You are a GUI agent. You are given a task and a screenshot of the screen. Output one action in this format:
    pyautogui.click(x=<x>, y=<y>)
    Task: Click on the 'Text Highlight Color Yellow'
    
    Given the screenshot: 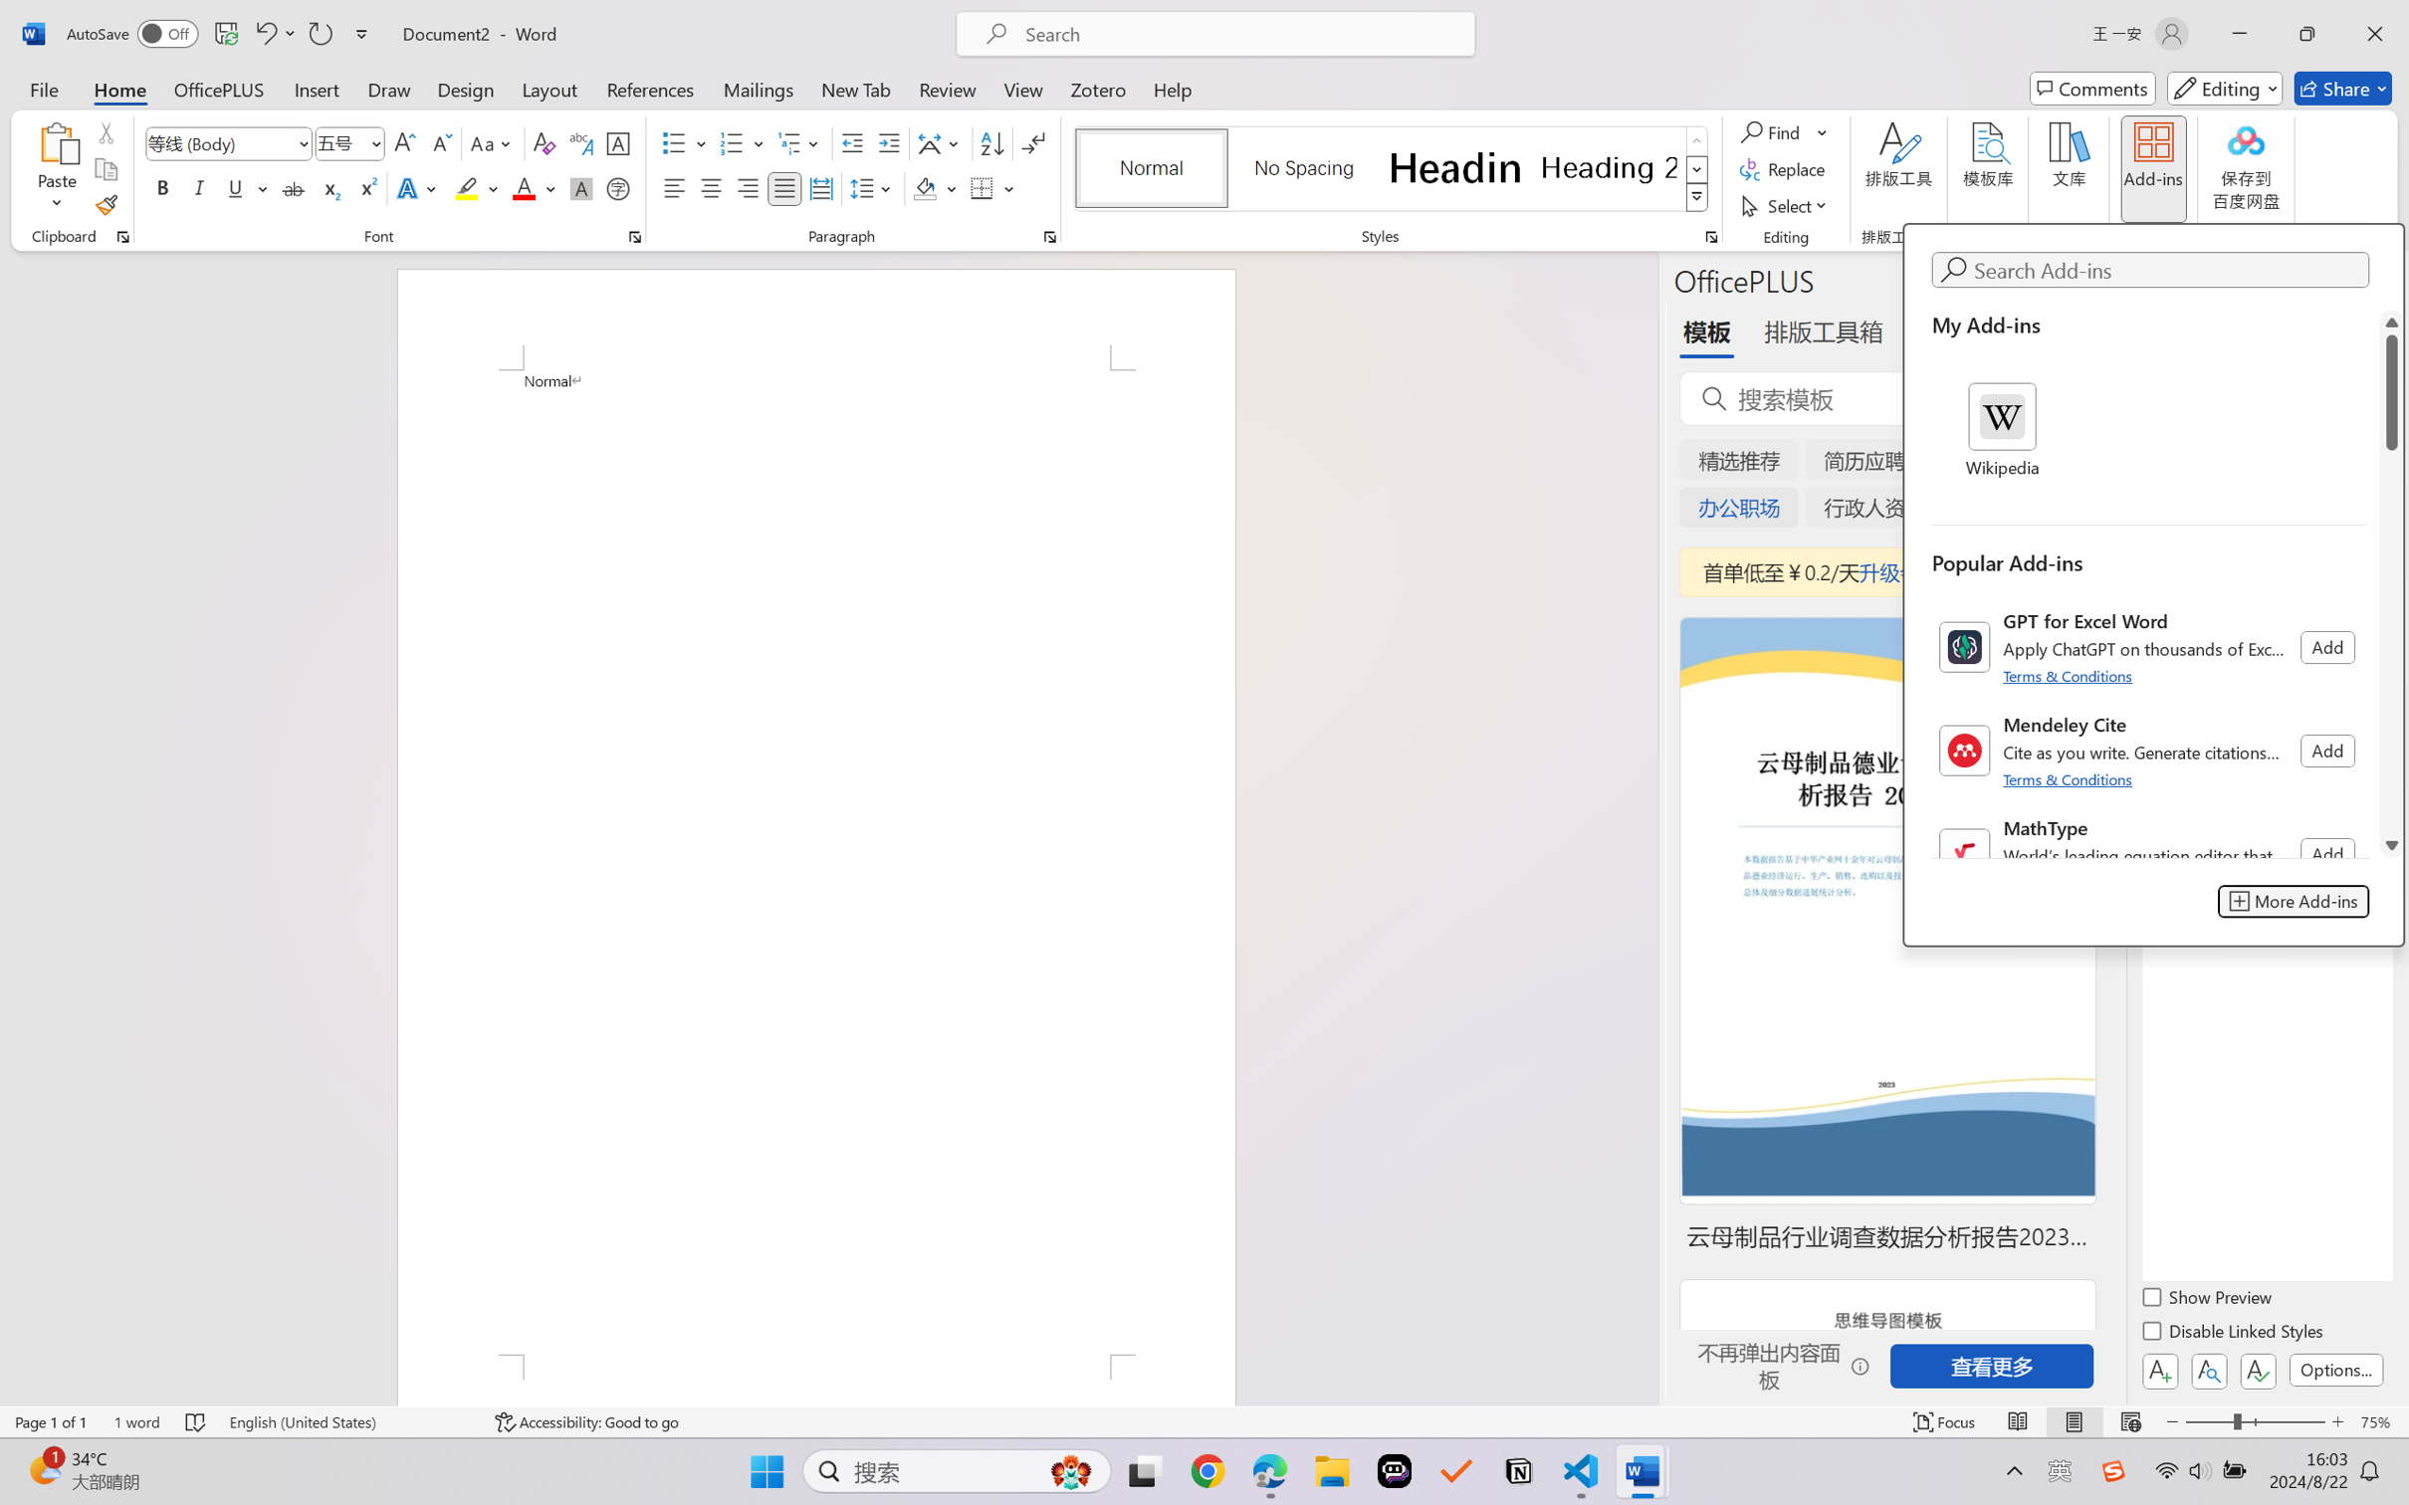 What is the action you would take?
    pyautogui.click(x=466, y=187)
    